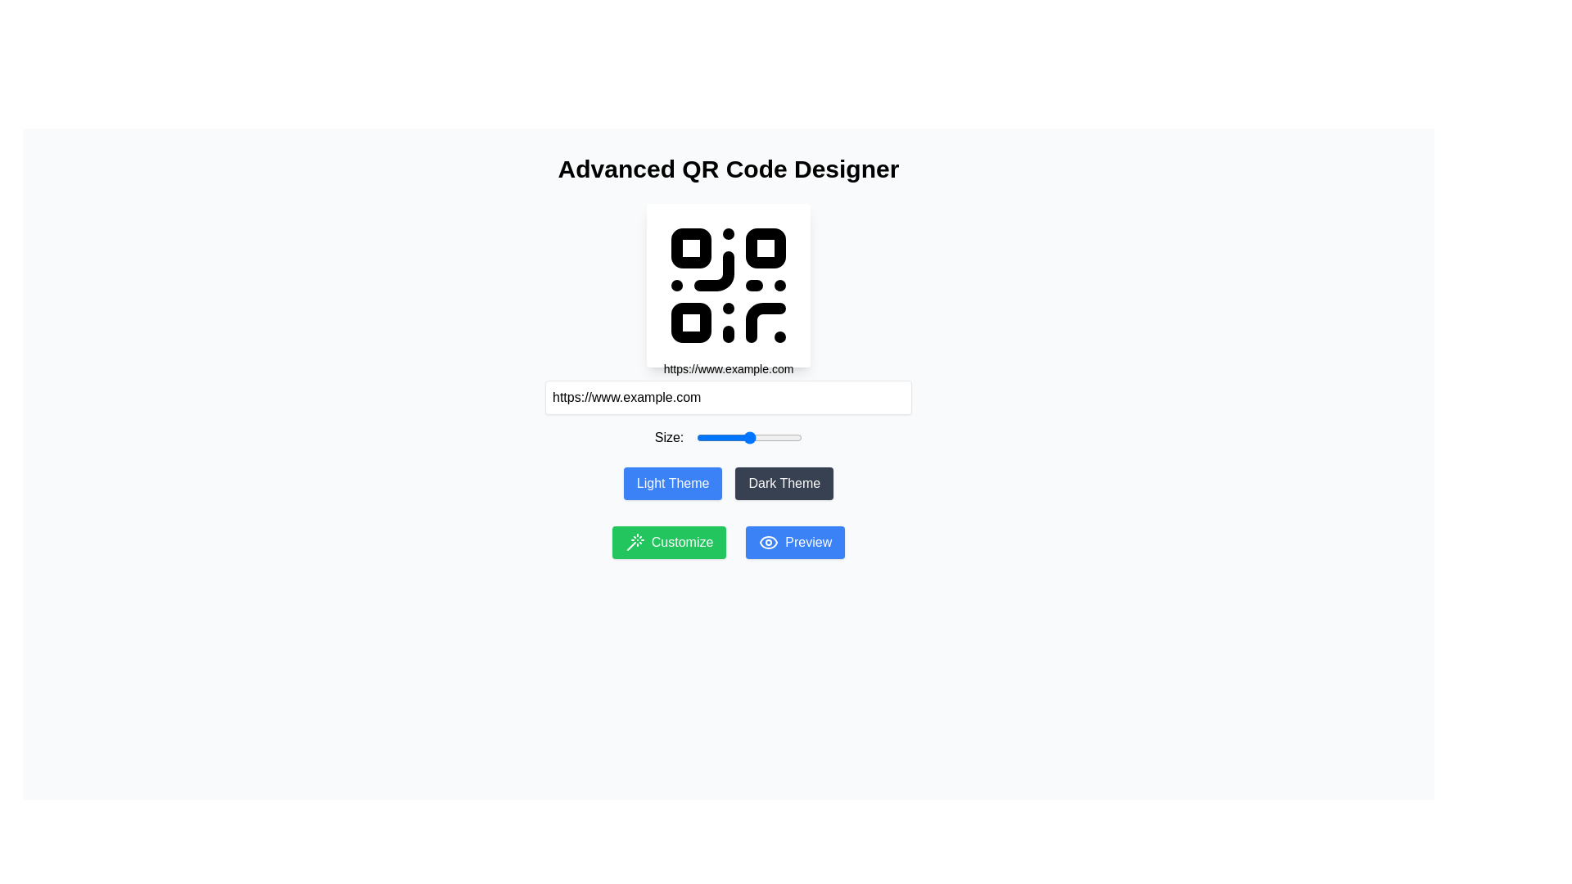 This screenshot has width=1572, height=884. What do you see at coordinates (795, 543) in the screenshot?
I see `the blue 'Preview' button with an eye icon` at bounding box center [795, 543].